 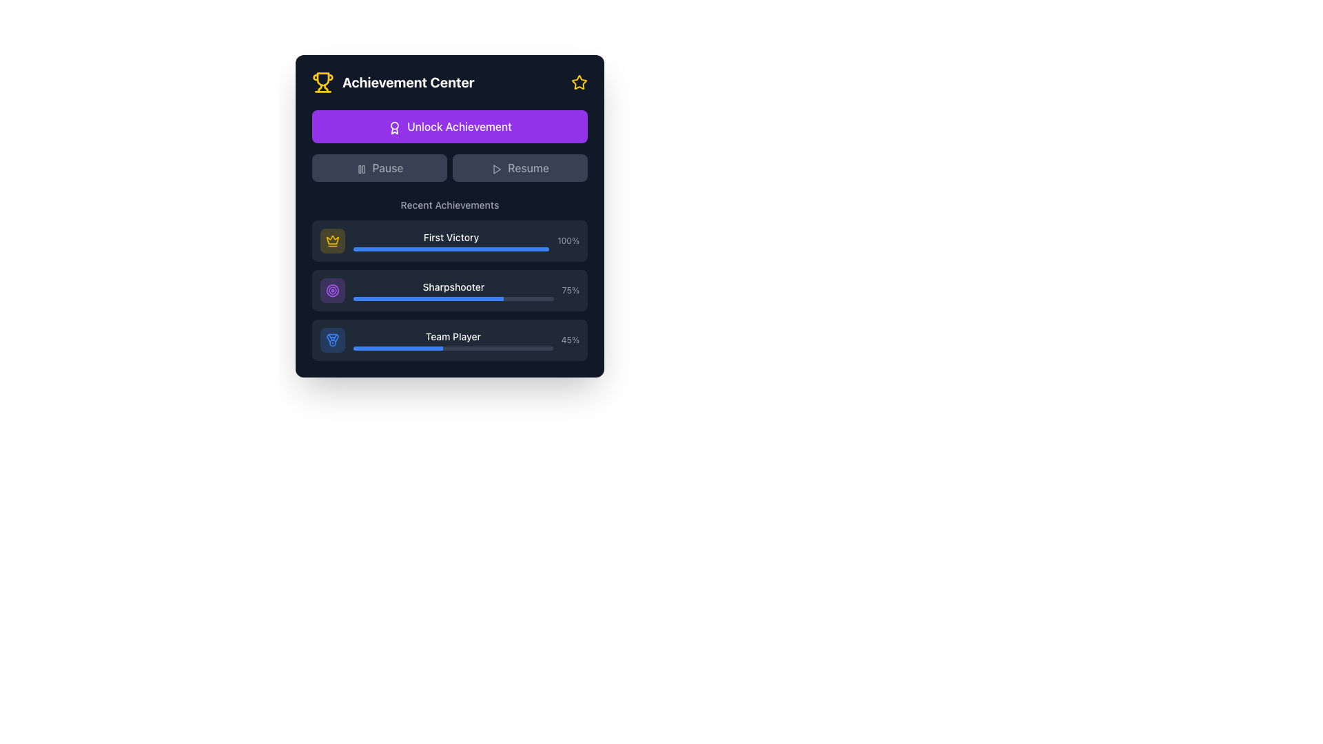 What do you see at coordinates (453, 286) in the screenshot?
I see `the text label displaying the title of an achievement in the 'Achievement Center' interface, which is positioned above a progress bar` at bounding box center [453, 286].